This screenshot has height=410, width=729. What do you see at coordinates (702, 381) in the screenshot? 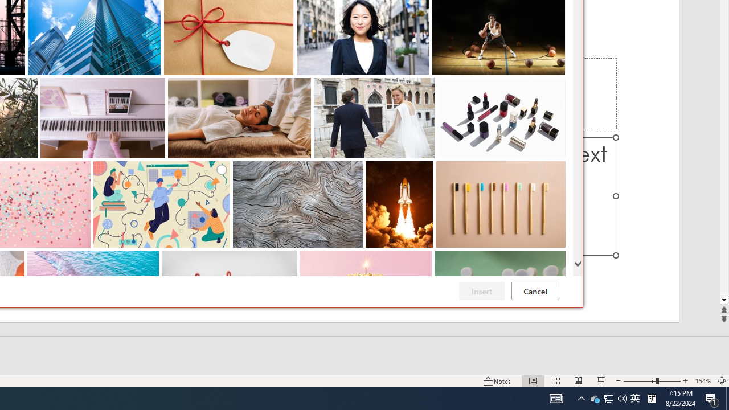
I see `'Zoom 154%'` at bounding box center [702, 381].